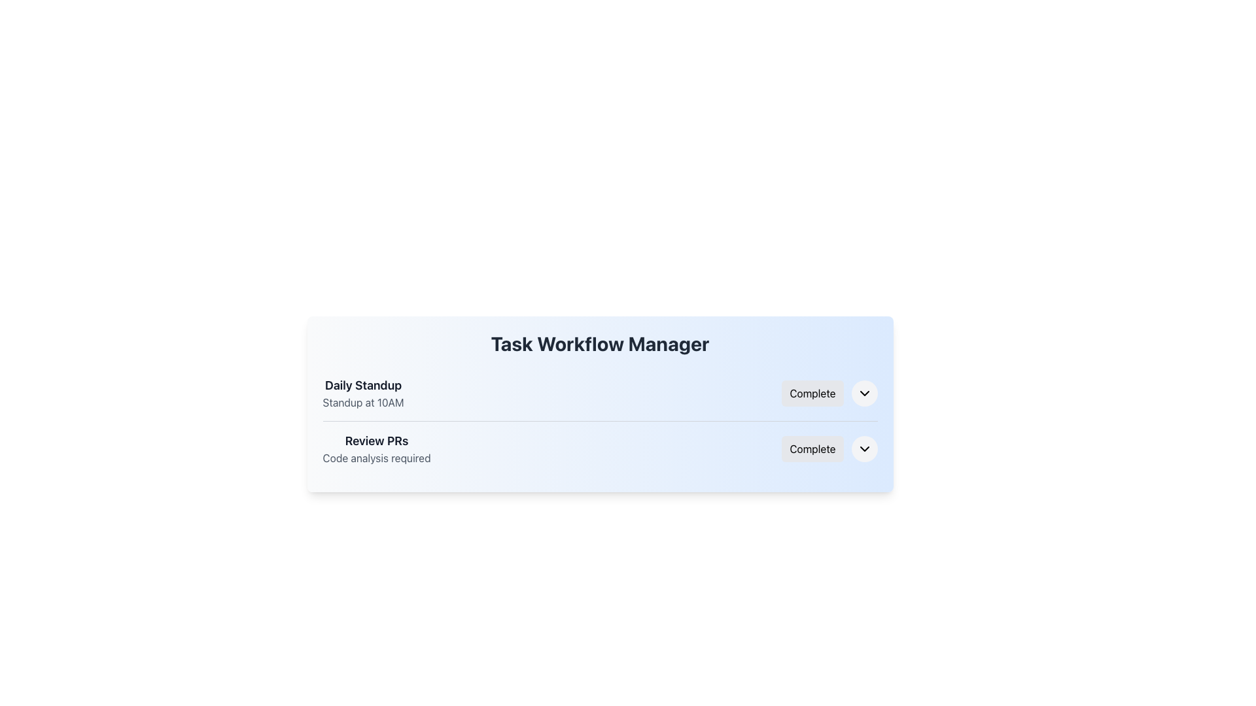 This screenshot has height=706, width=1256. Describe the element at coordinates (829, 448) in the screenshot. I see `the grey toggle button labeled 'Complete' with a downward chevron icon, located` at that location.